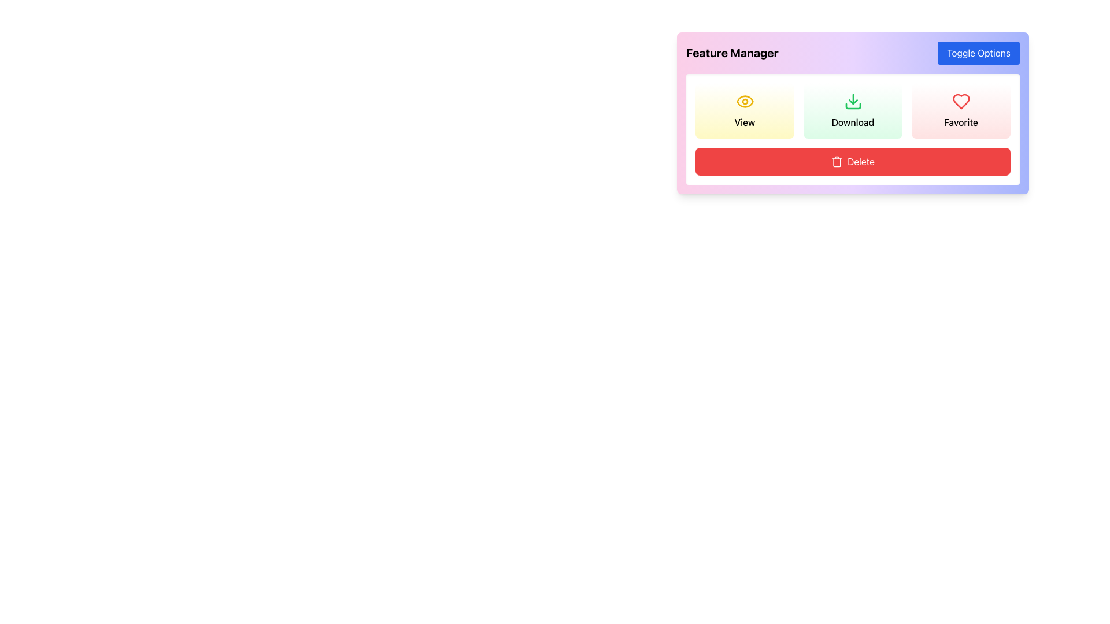  I want to click on the text label providing a description for the associated download action button, located below the download icon in the center of its respective card, so click(853, 122).